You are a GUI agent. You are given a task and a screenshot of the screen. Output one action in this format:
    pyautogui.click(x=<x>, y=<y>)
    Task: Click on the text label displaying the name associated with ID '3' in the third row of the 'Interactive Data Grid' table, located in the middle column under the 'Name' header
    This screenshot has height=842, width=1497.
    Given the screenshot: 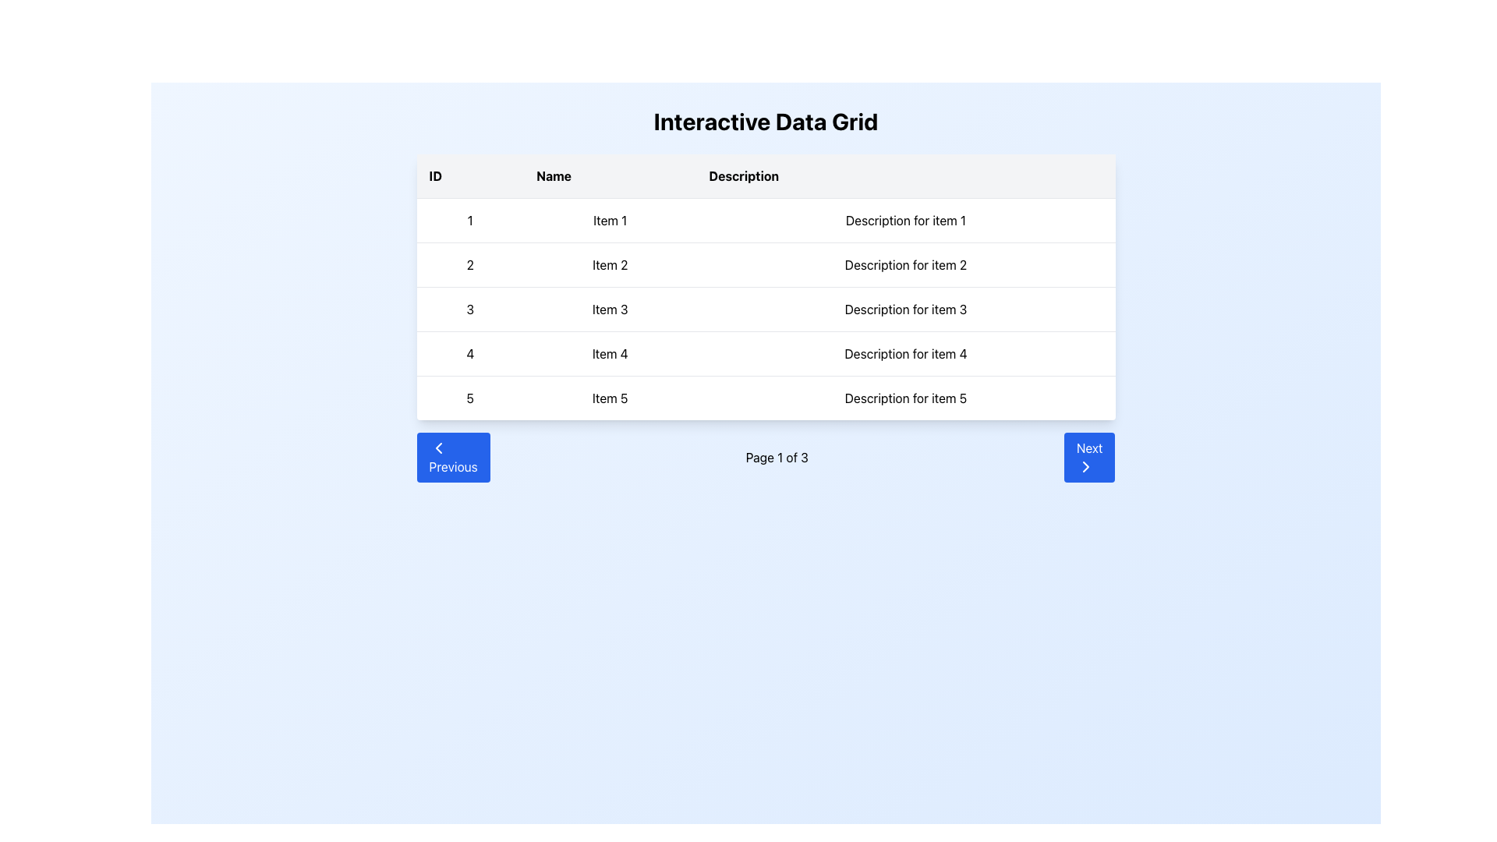 What is the action you would take?
    pyautogui.click(x=609, y=310)
    